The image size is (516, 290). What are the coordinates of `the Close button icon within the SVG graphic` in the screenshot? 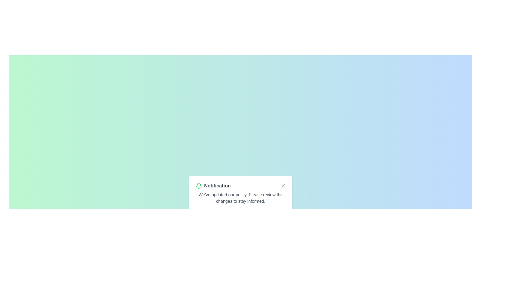 It's located at (283, 185).